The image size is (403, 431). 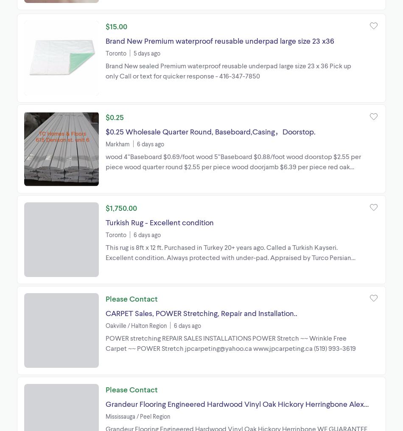 I want to click on '$1,750.00', so click(x=121, y=207).